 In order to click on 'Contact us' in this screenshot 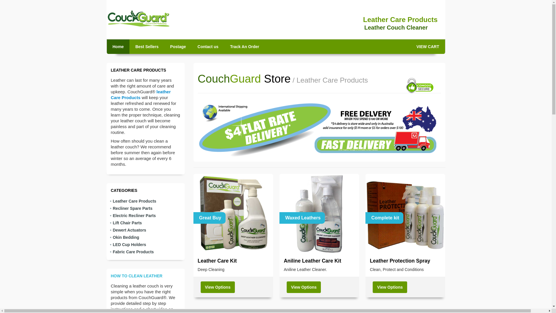, I will do `click(208, 46)`.